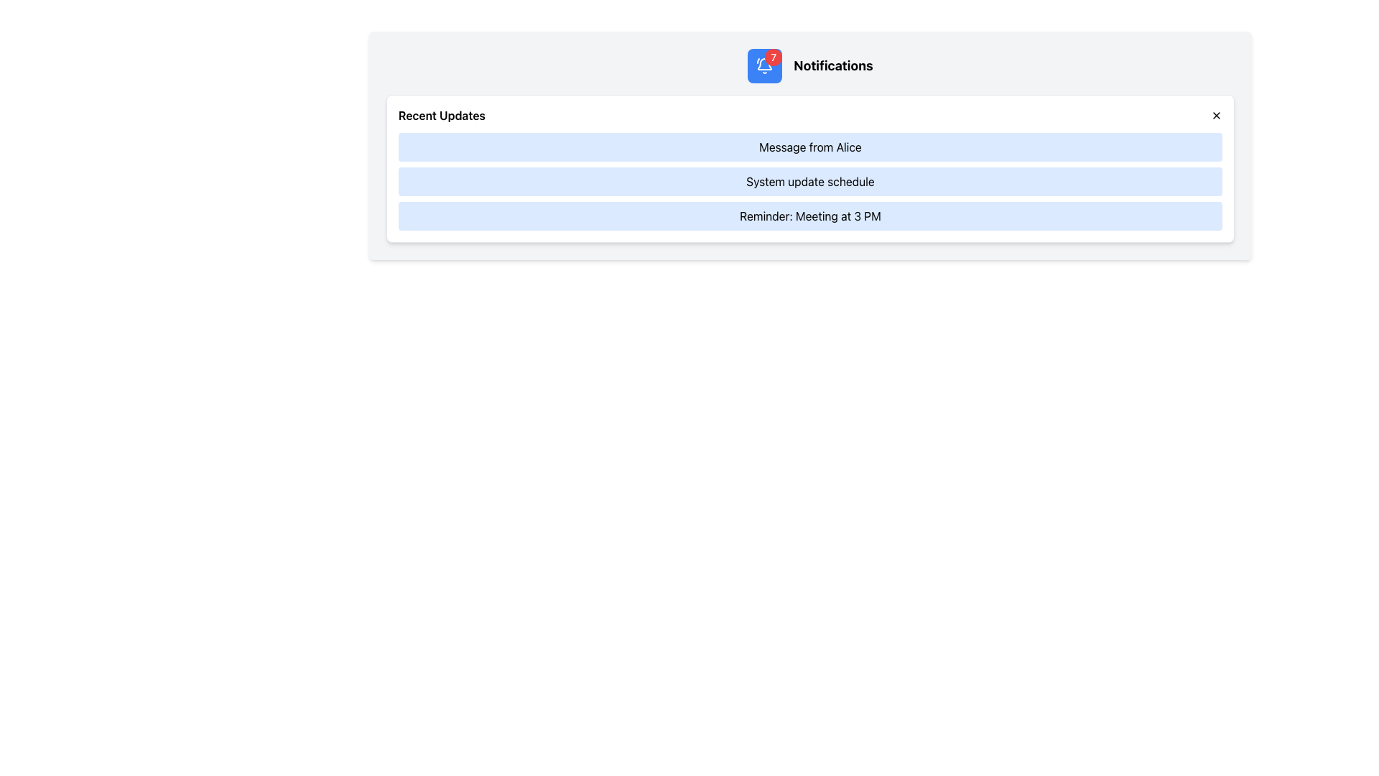 The image size is (1379, 776). Describe the element at coordinates (810, 181) in the screenshot. I see `the text label displaying the notification message 'System update schedule', which is the second item in the notifications panel` at that location.